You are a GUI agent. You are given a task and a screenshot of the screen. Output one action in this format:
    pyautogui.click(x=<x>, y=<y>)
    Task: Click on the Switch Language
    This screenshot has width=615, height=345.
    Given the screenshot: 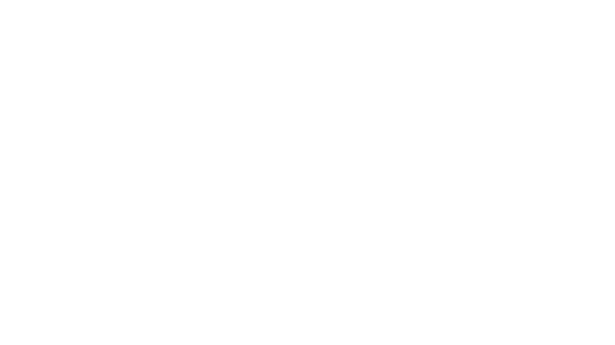 What is the action you would take?
    pyautogui.click(x=511, y=9)
    